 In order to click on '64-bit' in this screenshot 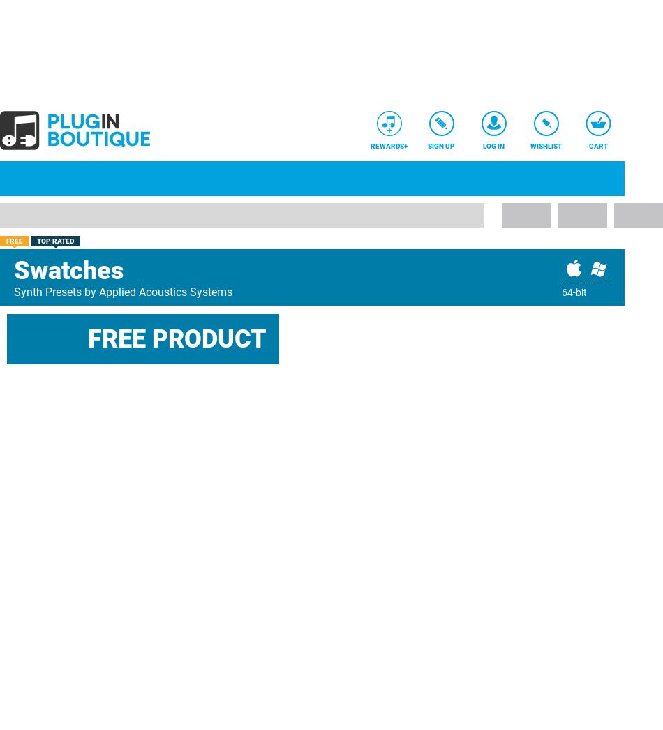, I will do `click(573, 291)`.